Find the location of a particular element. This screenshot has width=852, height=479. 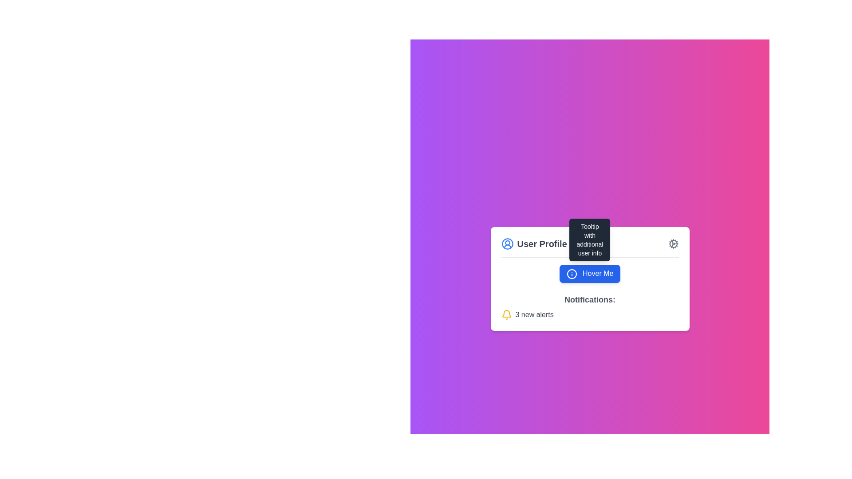

the SVG circle icon representing the user's profile information, which is located in the header section of a content card, to the left of the 'User Profile' text is located at coordinates (572, 273).